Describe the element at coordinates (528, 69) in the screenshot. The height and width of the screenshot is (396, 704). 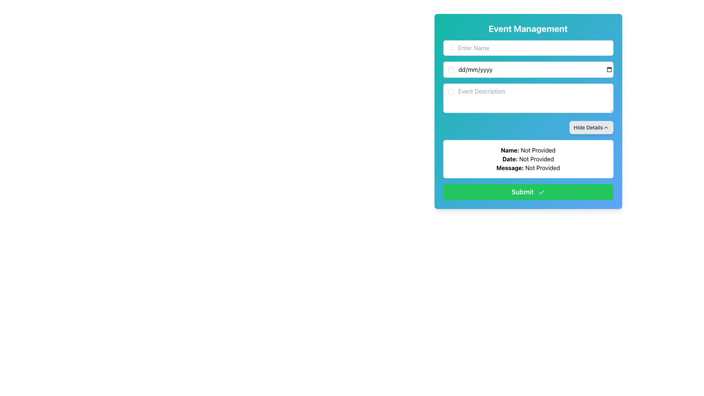
I see `a date from the calendar dropdown in the date input field with rounded corners and a calendar icon, located in the Event Management form` at that location.